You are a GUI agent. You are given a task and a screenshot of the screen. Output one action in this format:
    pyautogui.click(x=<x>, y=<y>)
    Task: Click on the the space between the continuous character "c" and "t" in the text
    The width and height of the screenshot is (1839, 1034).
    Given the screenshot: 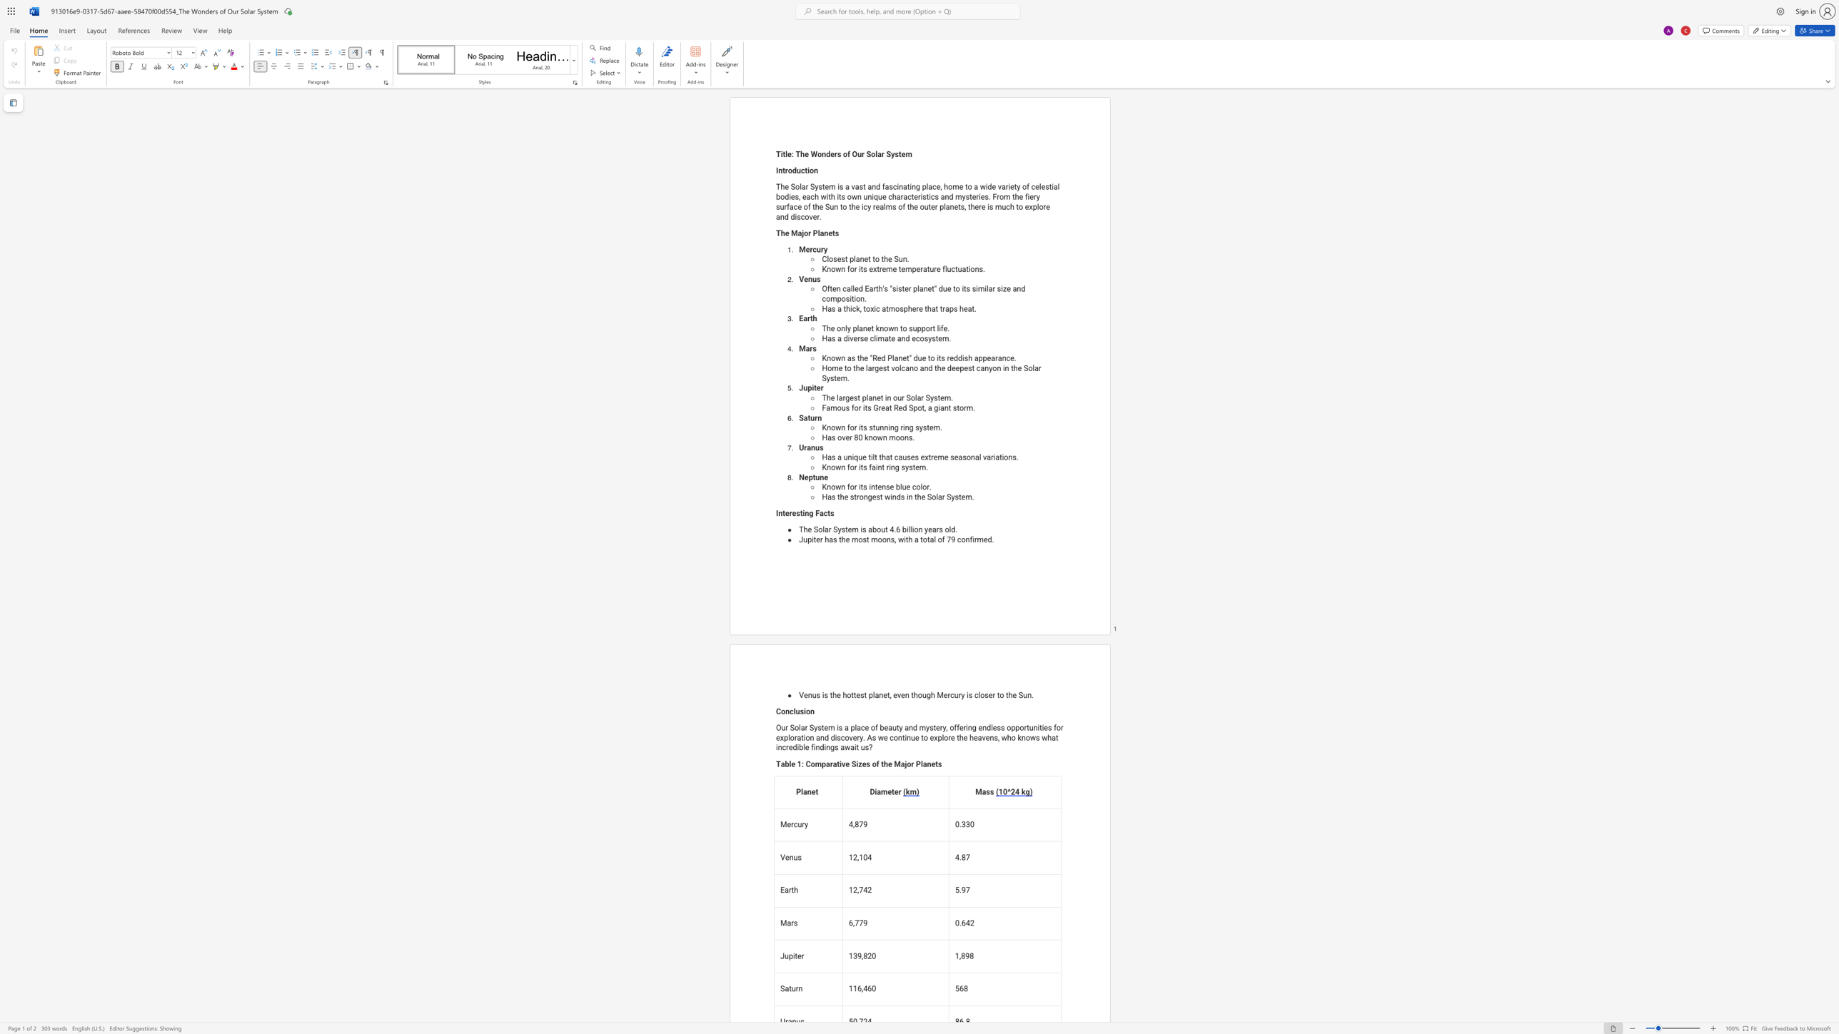 What is the action you would take?
    pyautogui.click(x=805, y=170)
    